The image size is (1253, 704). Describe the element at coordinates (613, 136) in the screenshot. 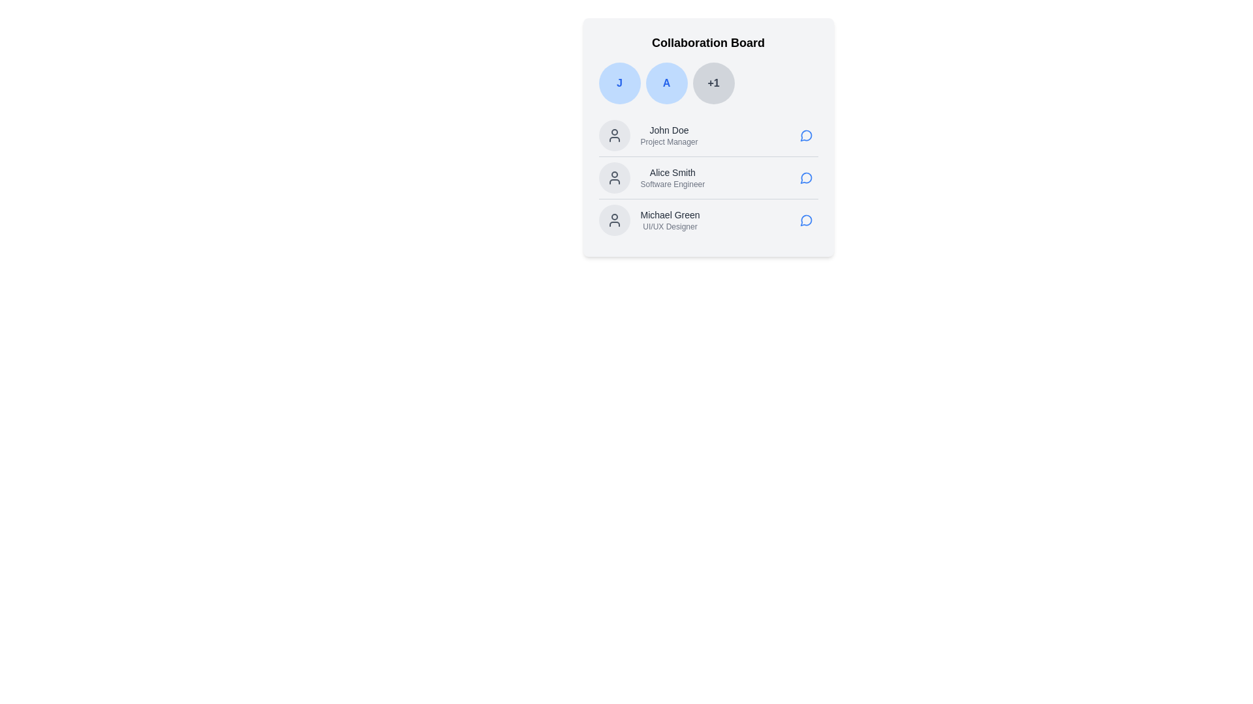

I see `the Avatar Icon representing the user 'John Doe' in the list` at that location.